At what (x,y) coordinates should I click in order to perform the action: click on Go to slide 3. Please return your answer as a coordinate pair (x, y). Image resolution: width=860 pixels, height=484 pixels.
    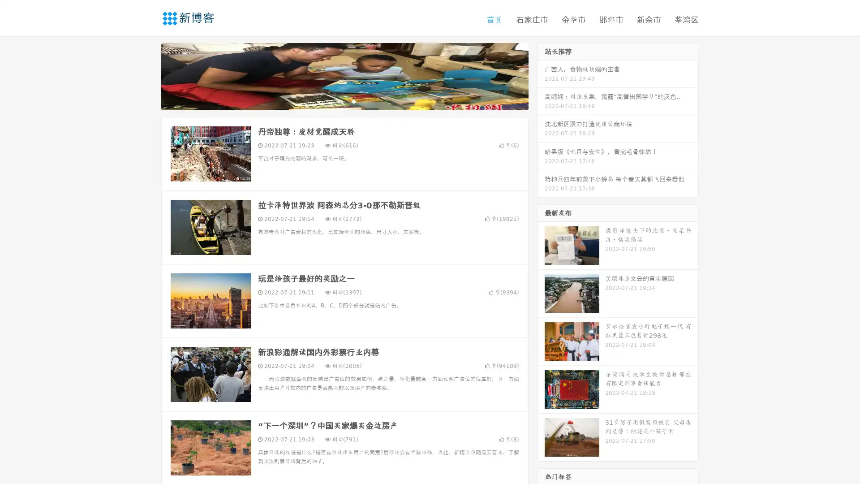
    Looking at the image, I should click on (353, 101).